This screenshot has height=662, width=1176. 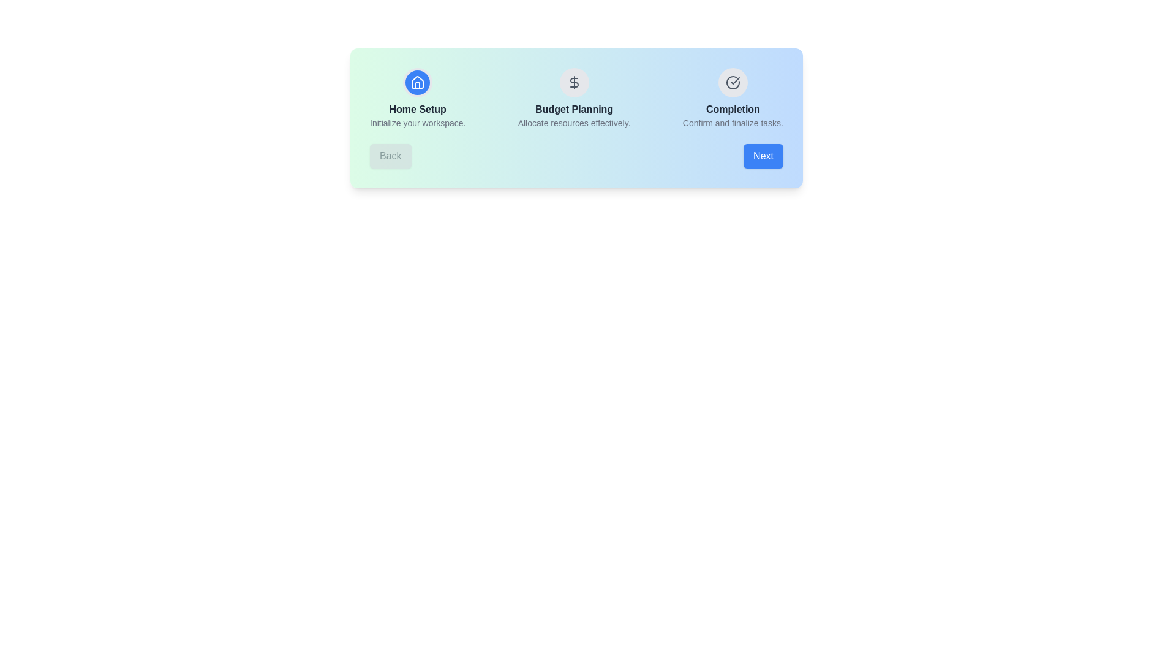 What do you see at coordinates (763, 155) in the screenshot?
I see `'Next' button to proceed to the next step in the workflow` at bounding box center [763, 155].